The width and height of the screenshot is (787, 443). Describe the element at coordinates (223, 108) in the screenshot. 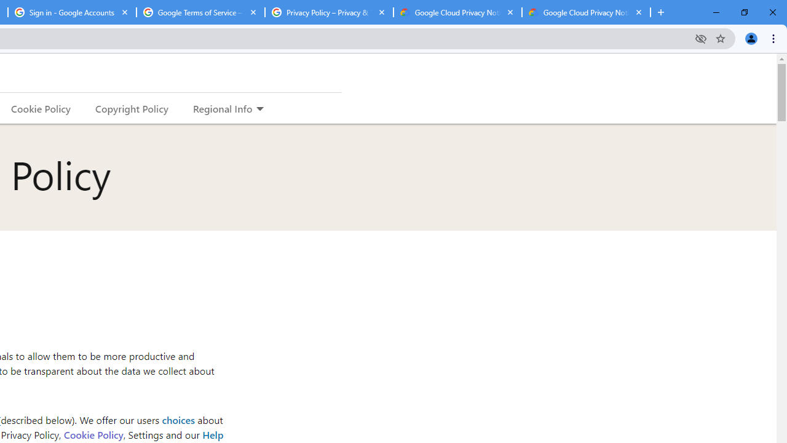

I see `'Regional Info'` at that location.